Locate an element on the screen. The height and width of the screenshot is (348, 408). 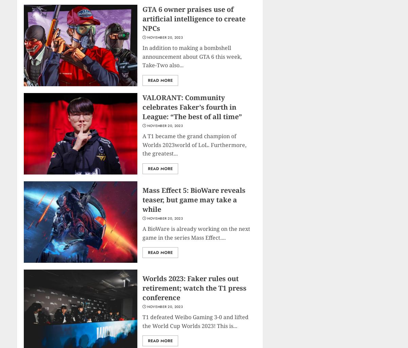
'A T1 became the grand champion of Worlds 2023world of LoL. Furthermore, the greatest...' is located at coordinates (194, 144).